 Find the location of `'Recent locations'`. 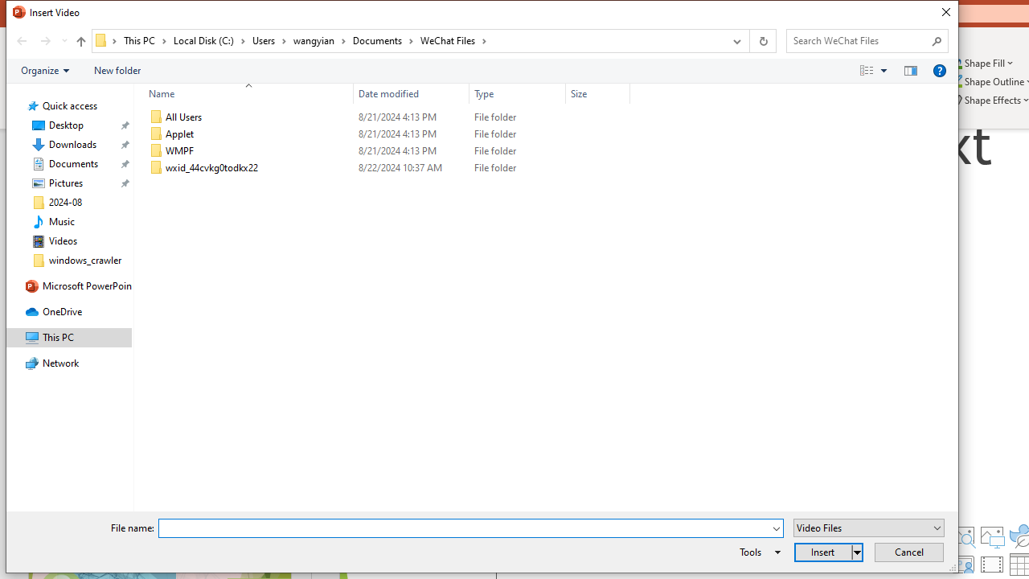

'Recent locations' is located at coordinates (64, 40).